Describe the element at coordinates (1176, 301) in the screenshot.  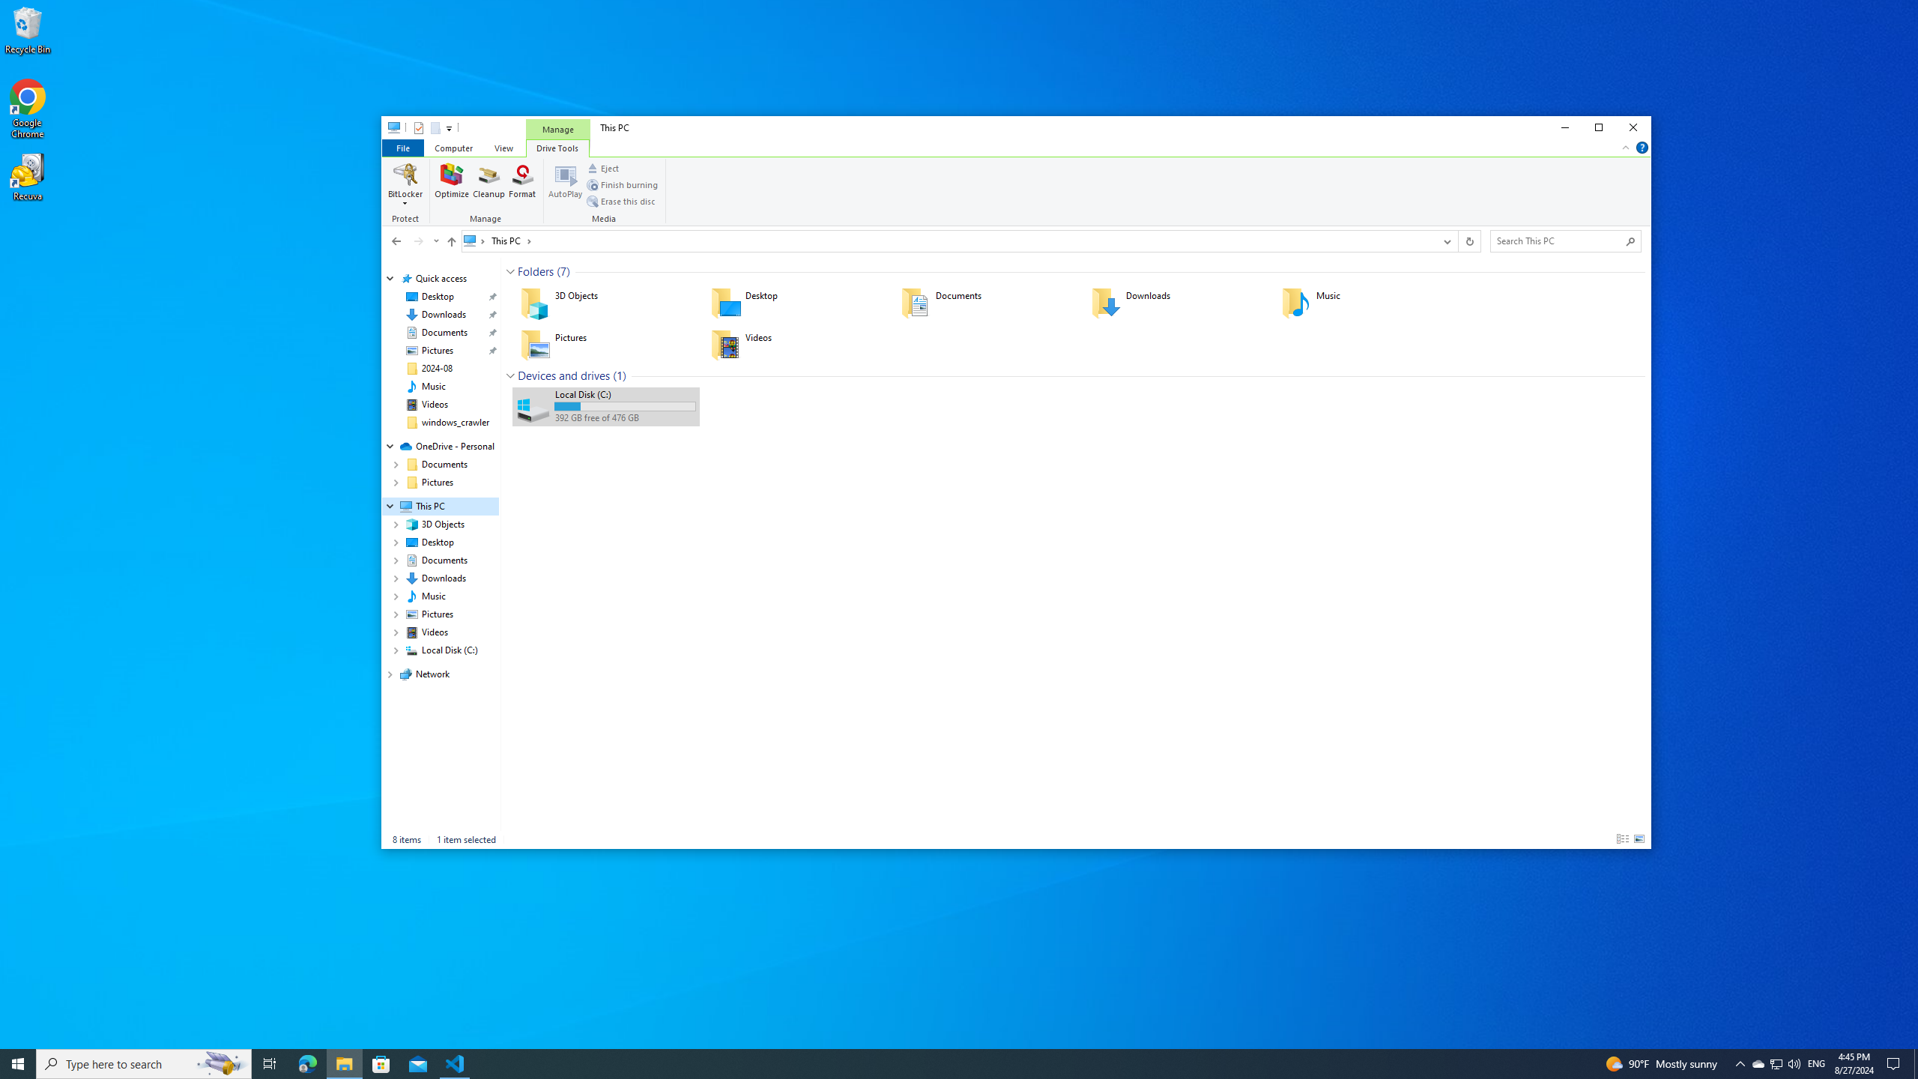
I see `'Downloads'` at that location.